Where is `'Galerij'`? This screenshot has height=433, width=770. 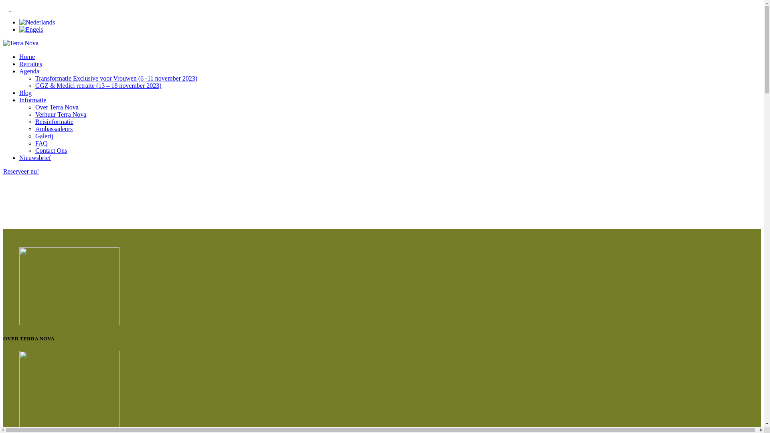 'Galerij' is located at coordinates (44, 136).